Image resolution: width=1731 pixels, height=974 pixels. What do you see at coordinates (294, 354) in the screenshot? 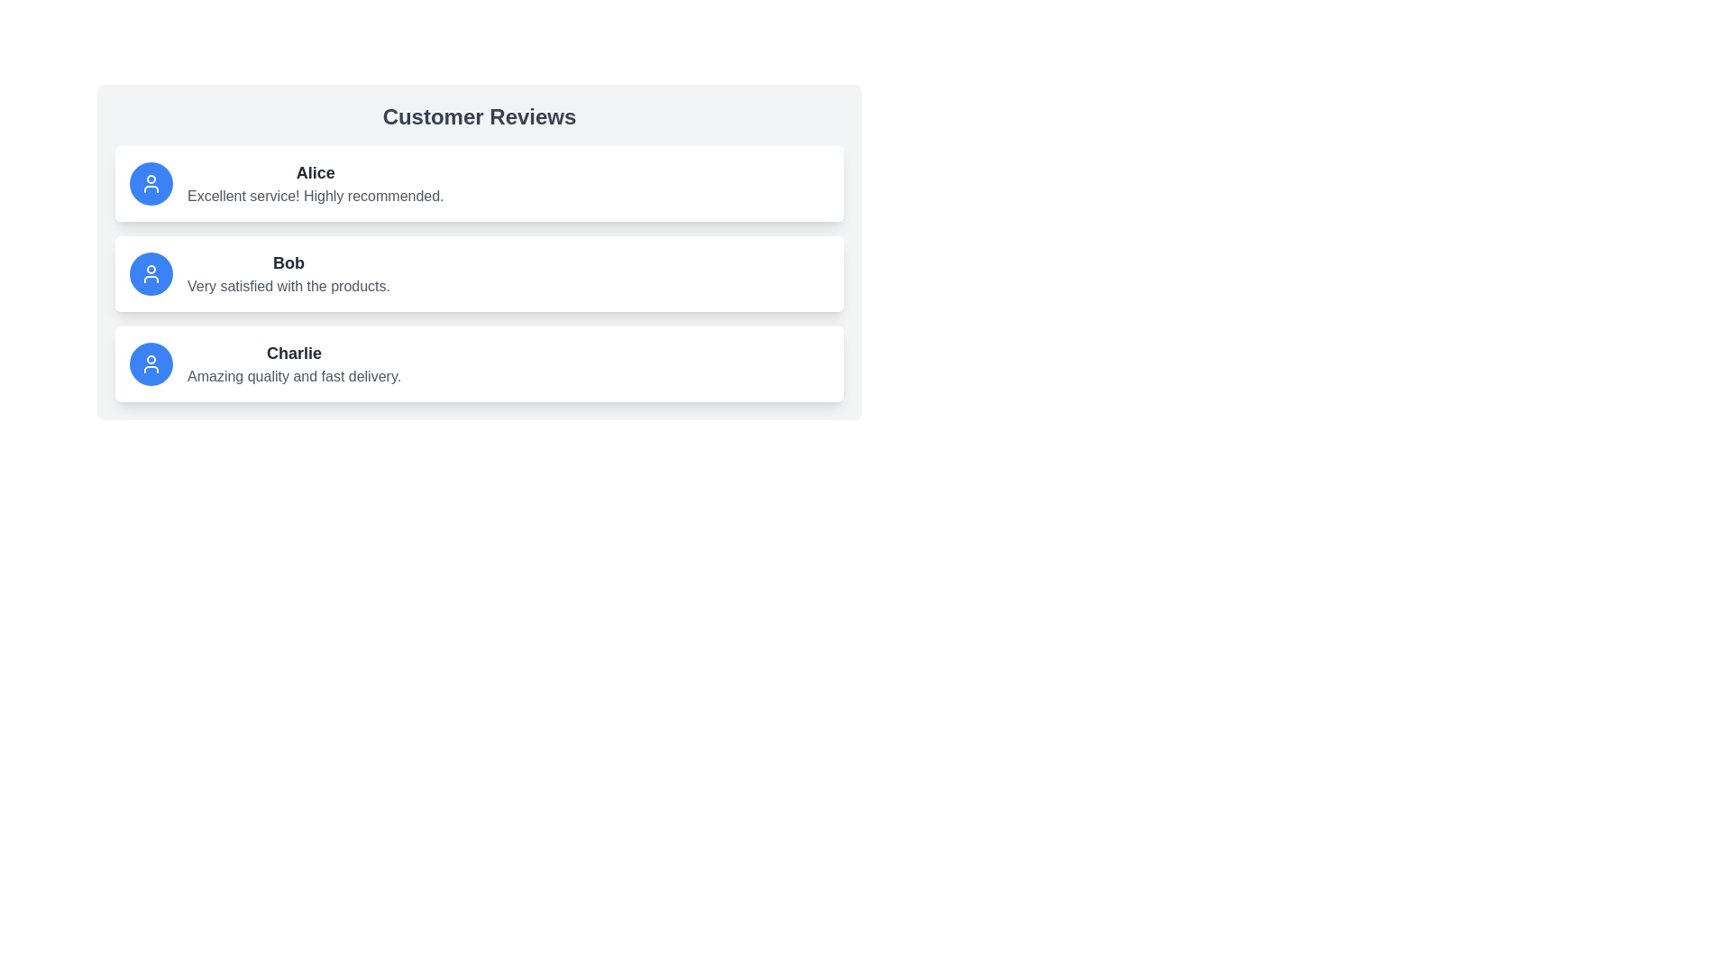
I see `the text label displaying the name 'Charlie', which is styled in a large, bold font and positioned at the top of the testimonial section` at bounding box center [294, 354].